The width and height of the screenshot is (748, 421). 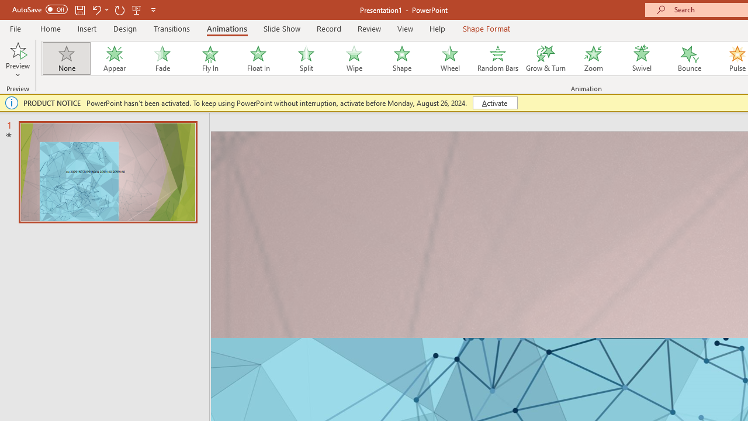 I want to click on 'Swivel', so click(x=641, y=58).